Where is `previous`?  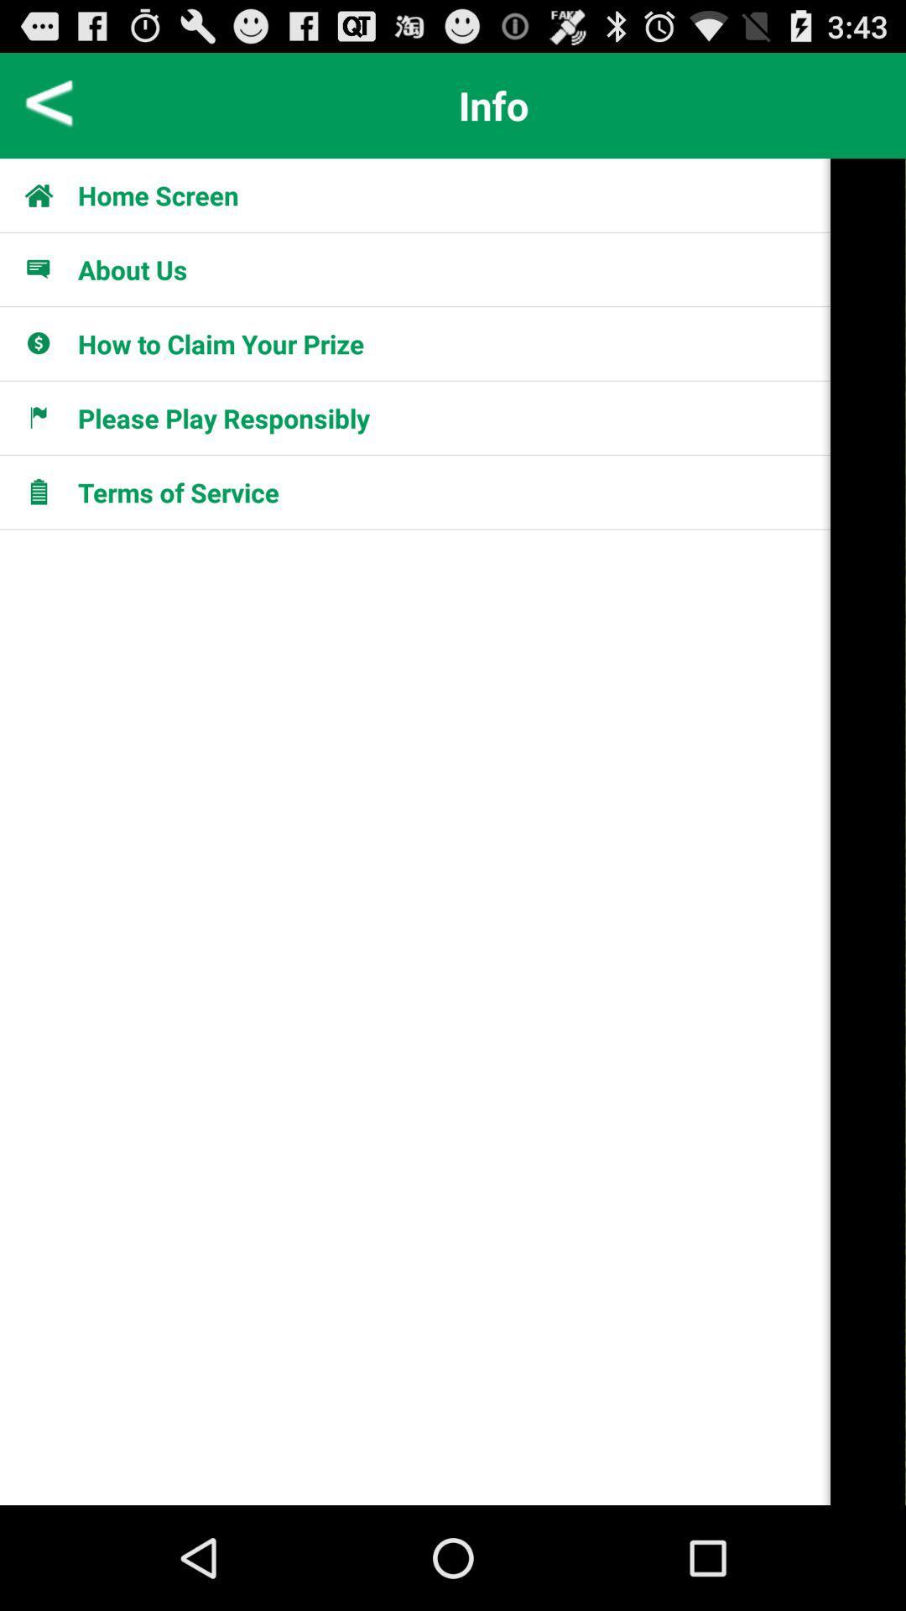 previous is located at coordinates (49, 104).